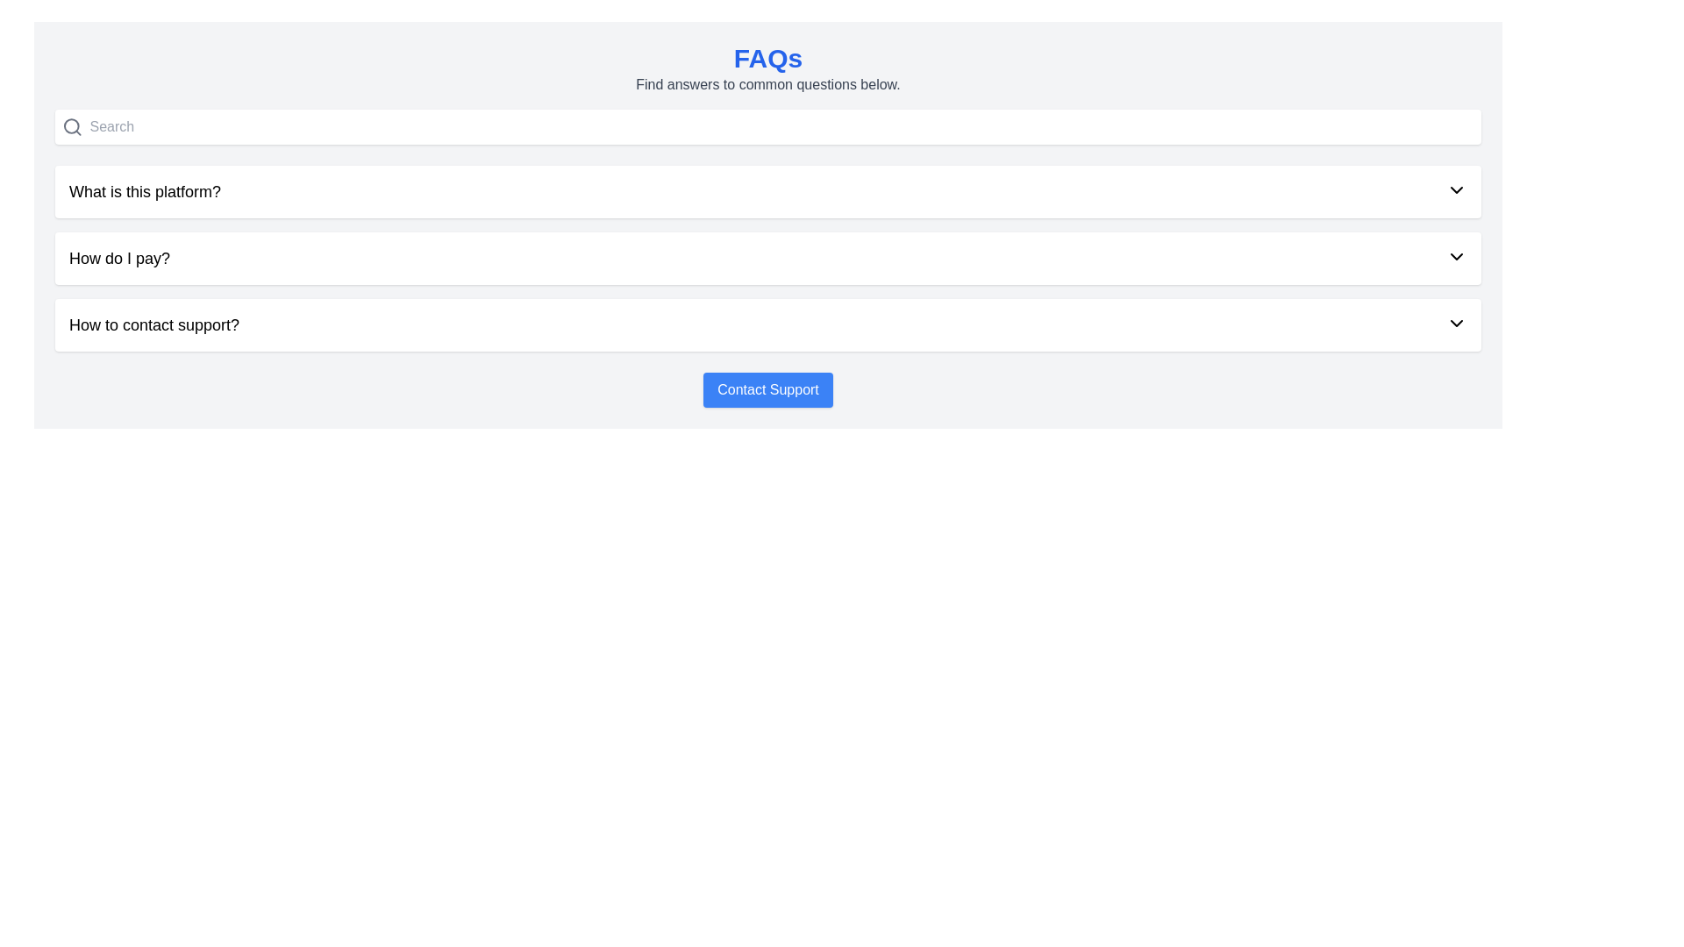  I want to click on the introductory text element located beneath the 'FAQs' header, which provides contextual information for the FAQ section, so click(767, 84).